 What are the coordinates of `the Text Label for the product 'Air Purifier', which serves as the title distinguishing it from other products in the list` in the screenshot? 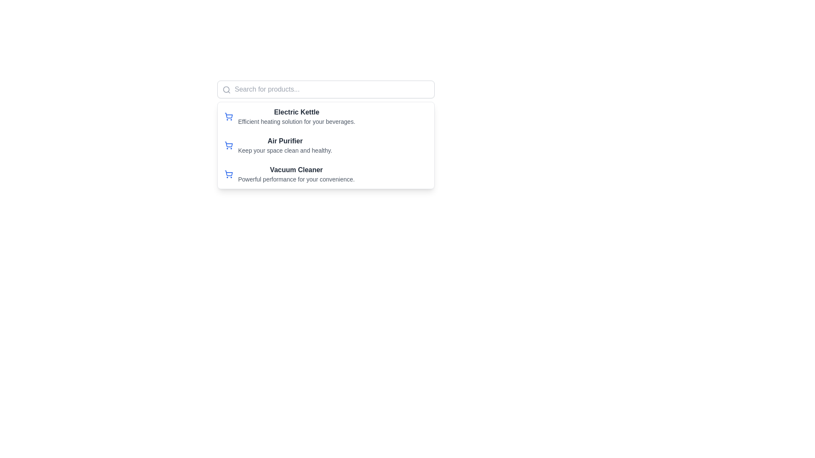 It's located at (285, 140).